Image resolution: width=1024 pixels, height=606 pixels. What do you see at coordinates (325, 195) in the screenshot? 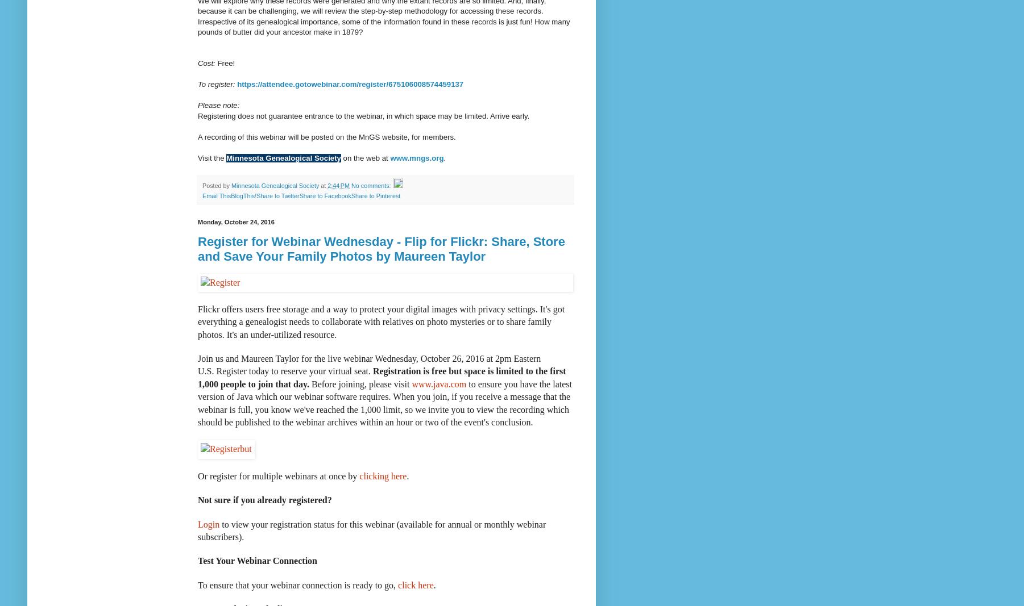
I see `'Share to Facebook'` at bounding box center [325, 195].